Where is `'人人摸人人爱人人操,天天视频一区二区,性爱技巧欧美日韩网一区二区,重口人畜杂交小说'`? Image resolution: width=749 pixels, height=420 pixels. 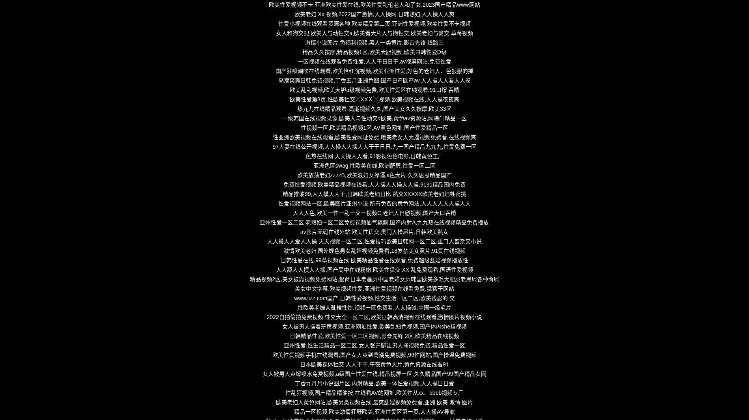
'人人摸人人爱人人操,天天视频一区二区,性爱技巧欧美日韩网一区二区,重口人畜杂交小说' is located at coordinates (374, 241).